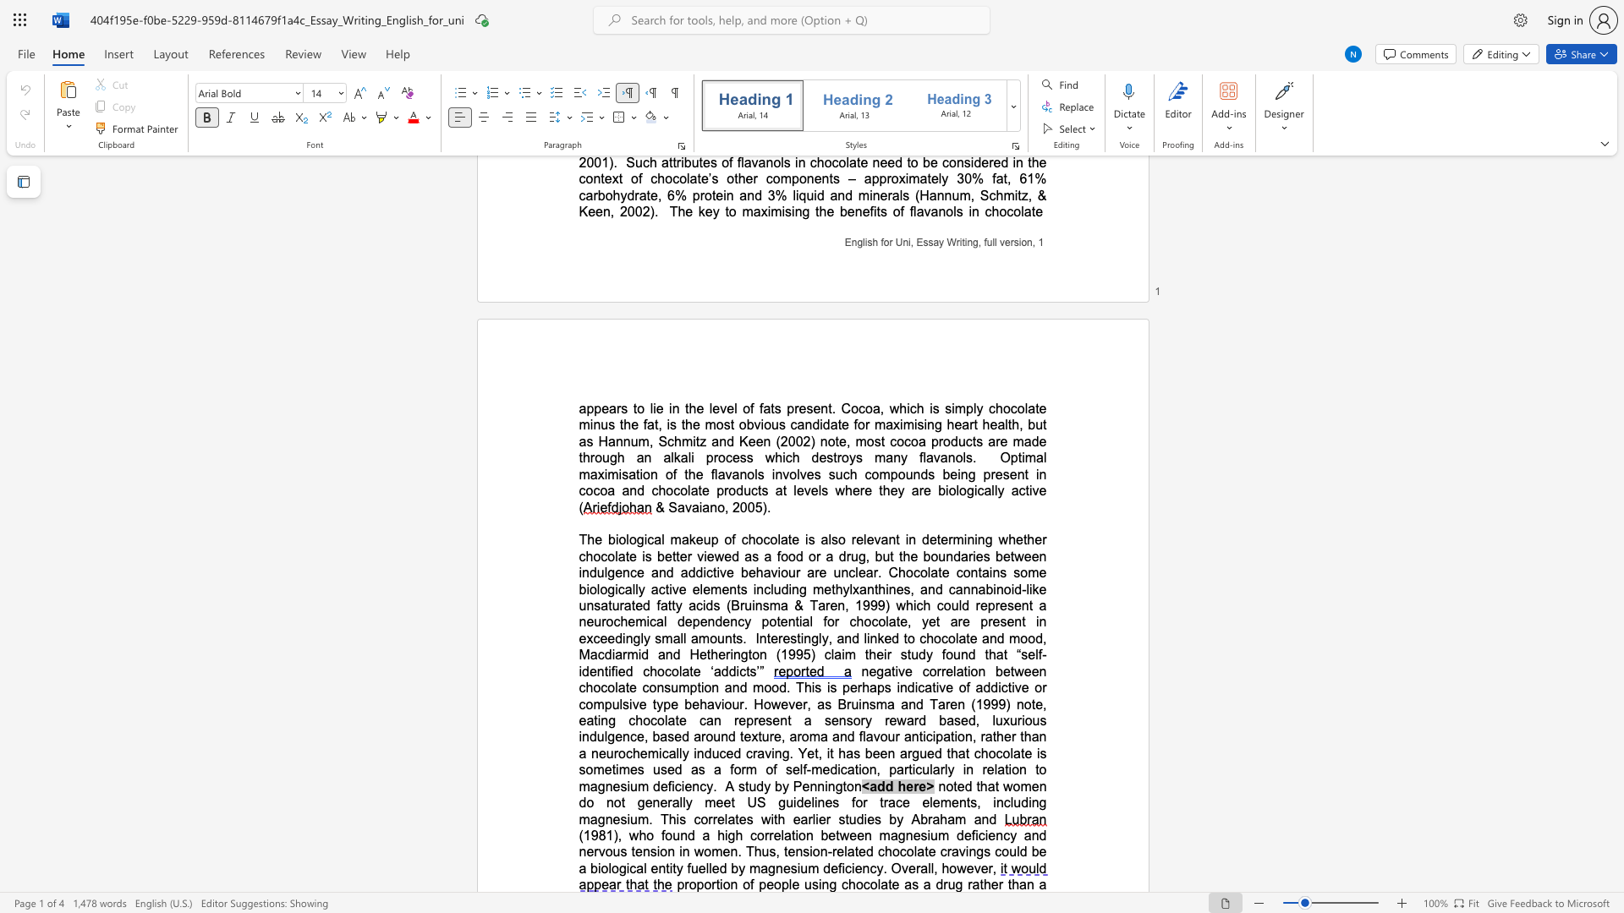 The image size is (1624, 913). I want to click on the subset text "ning" within the text "A study by Pennington", so click(817, 786).